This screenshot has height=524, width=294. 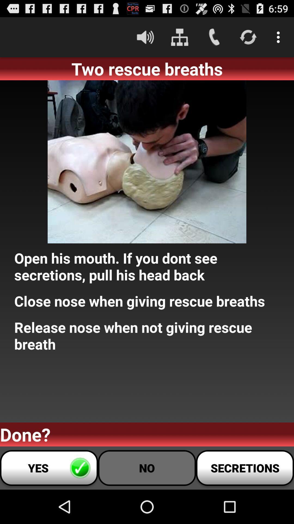 What do you see at coordinates (179, 37) in the screenshot?
I see `icon above two rescue breaths item` at bounding box center [179, 37].